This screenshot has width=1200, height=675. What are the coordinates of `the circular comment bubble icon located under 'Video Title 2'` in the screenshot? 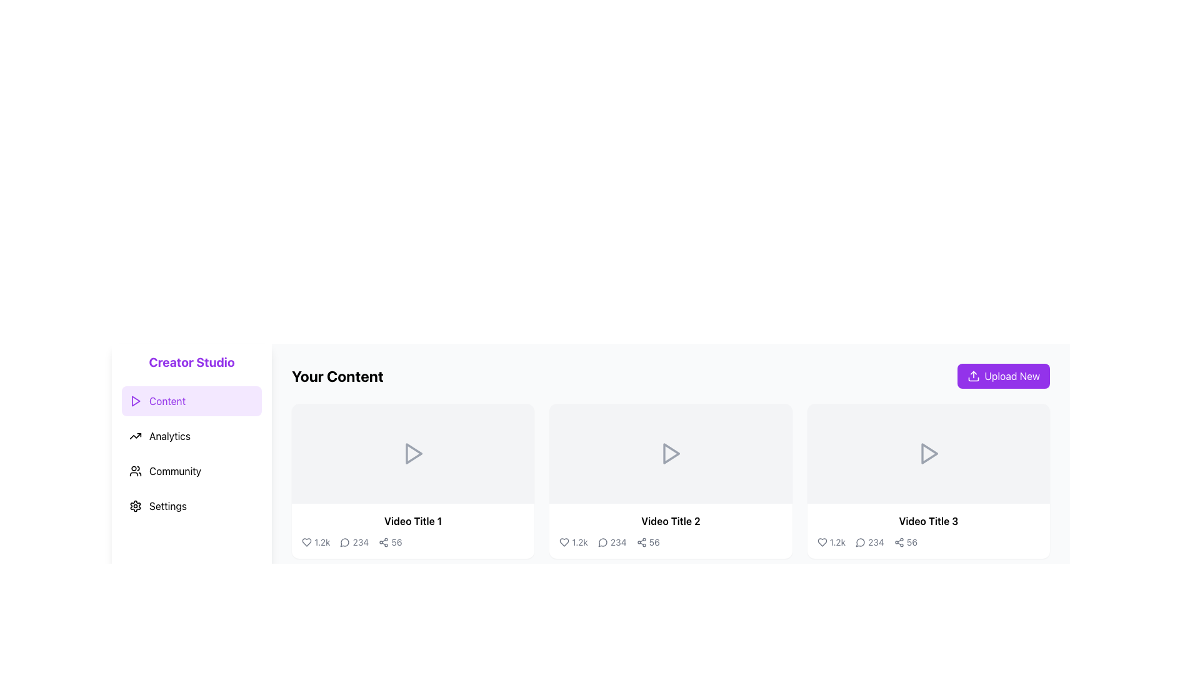 It's located at (602, 542).